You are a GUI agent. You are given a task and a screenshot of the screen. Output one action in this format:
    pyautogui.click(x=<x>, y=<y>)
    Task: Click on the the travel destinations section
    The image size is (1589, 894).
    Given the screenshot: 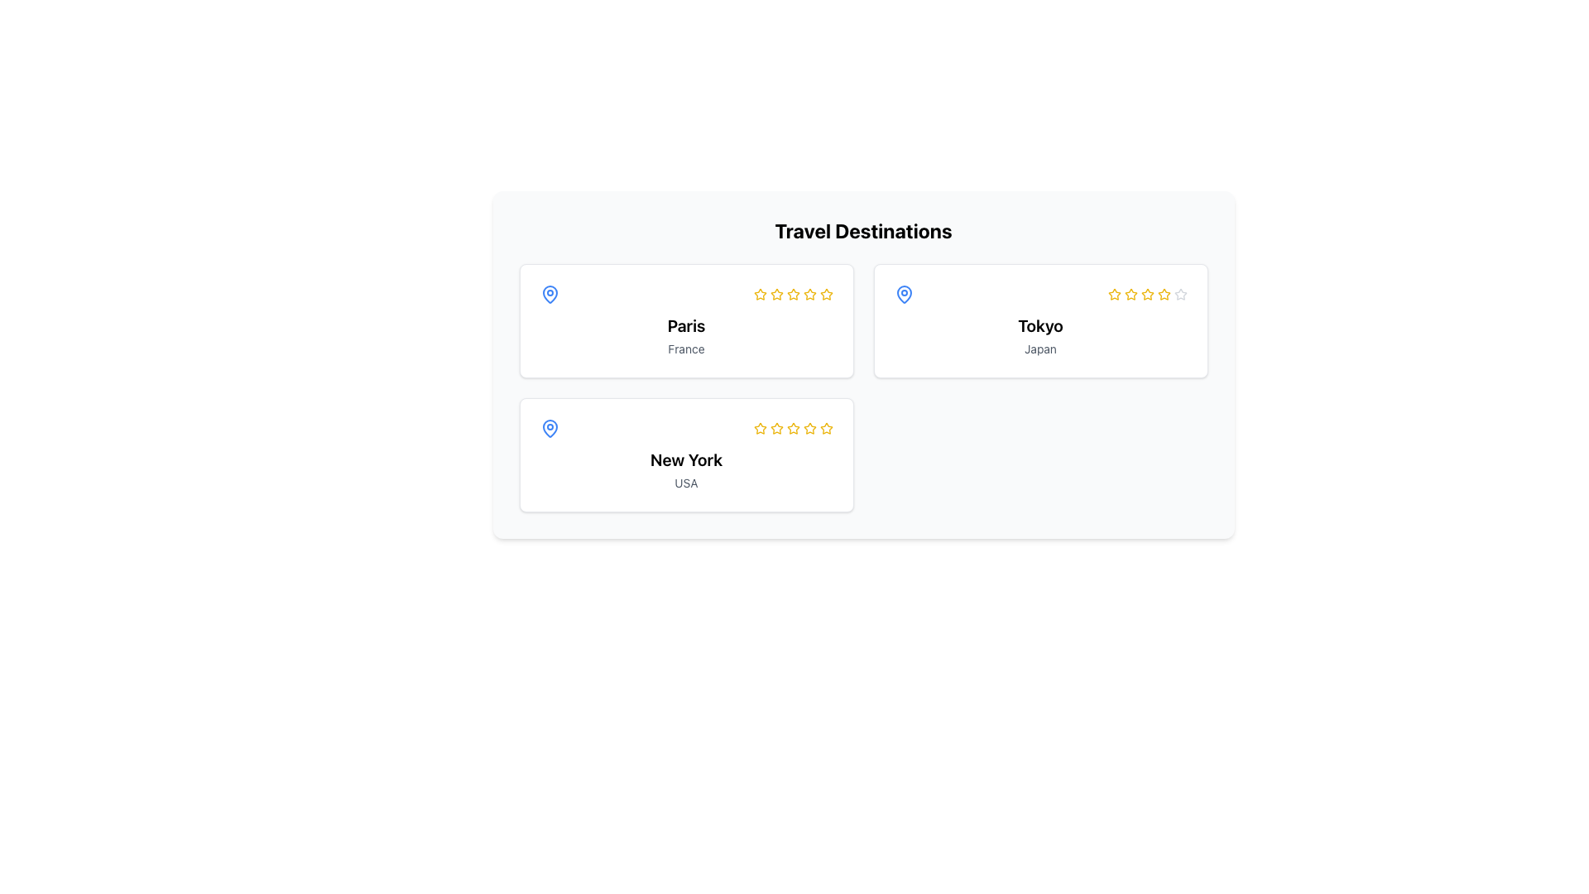 What is the action you would take?
    pyautogui.click(x=862, y=230)
    